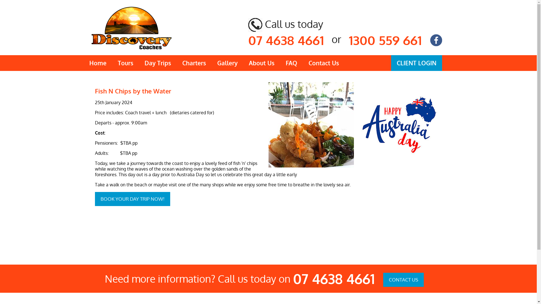 The image size is (541, 304). What do you see at coordinates (286, 40) in the screenshot?
I see `'07 4638 4661'` at bounding box center [286, 40].